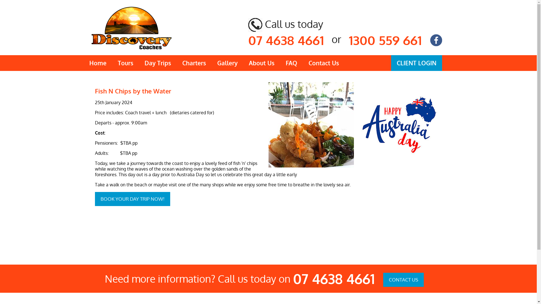 The image size is (541, 304). What do you see at coordinates (286, 40) in the screenshot?
I see `'07 4638 4661'` at bounding box center [286, 40].